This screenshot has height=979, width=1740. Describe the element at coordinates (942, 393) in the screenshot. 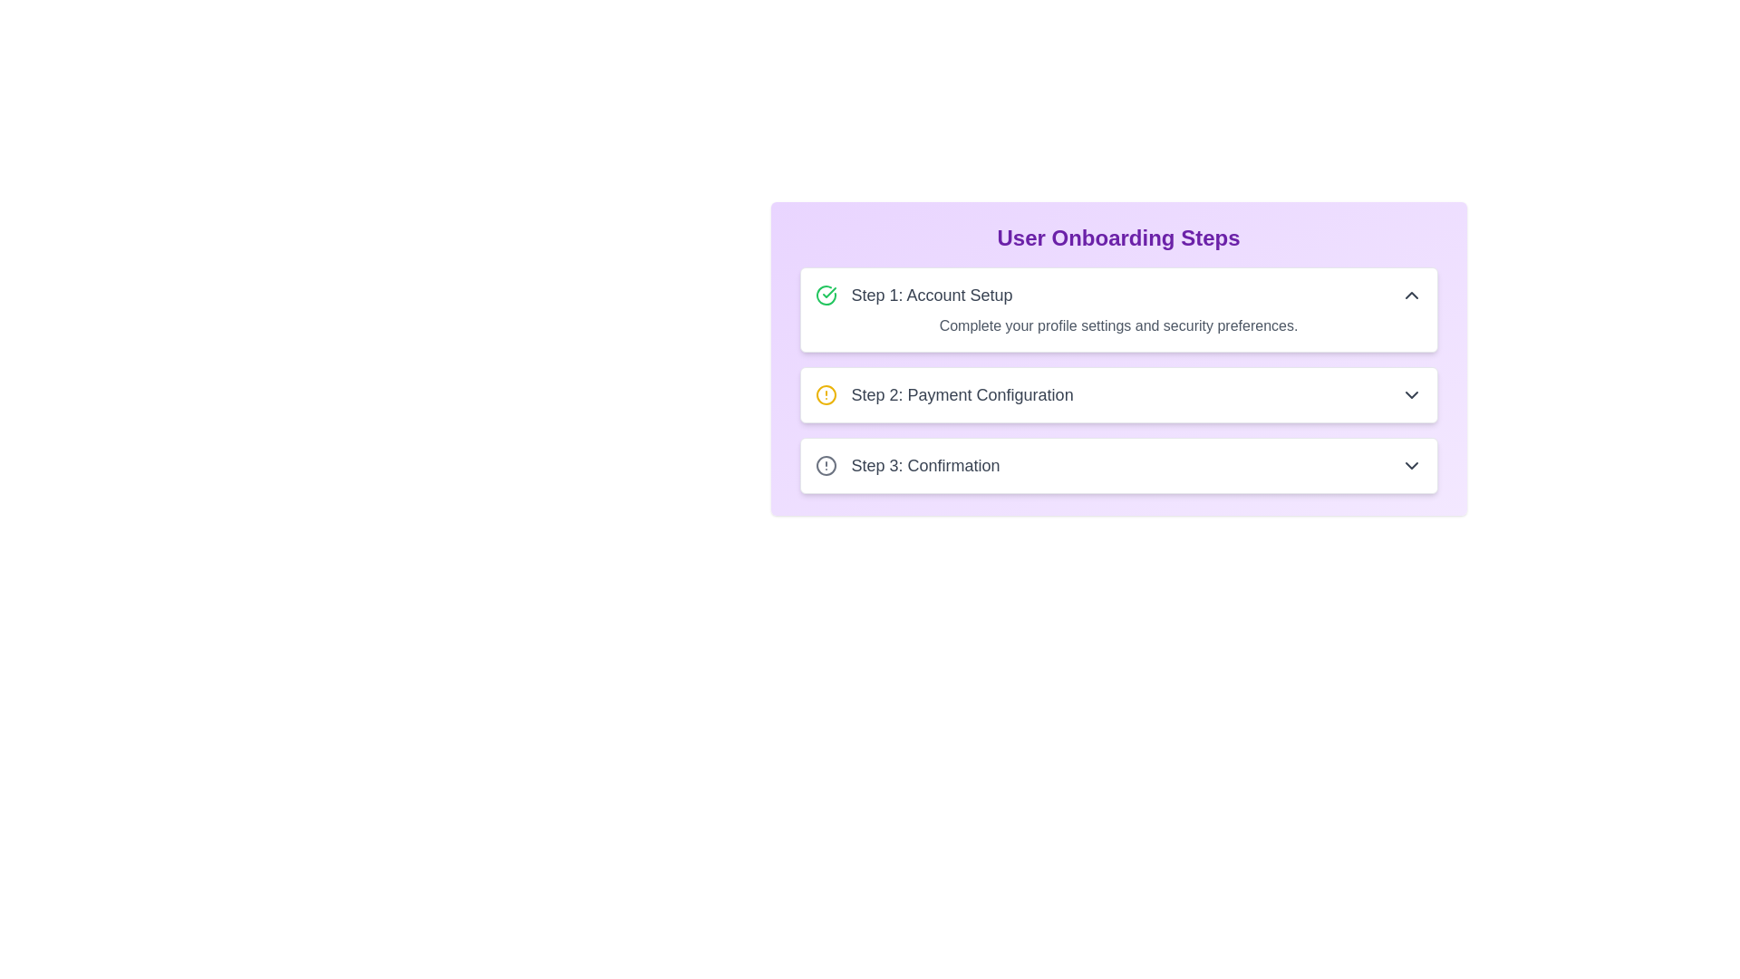

I see `the 'Step 2: Payment Configuration' section in the onboarding process, which features a yellow circle icon with an exclamation mark and is located centrally within a purple background` at that location.